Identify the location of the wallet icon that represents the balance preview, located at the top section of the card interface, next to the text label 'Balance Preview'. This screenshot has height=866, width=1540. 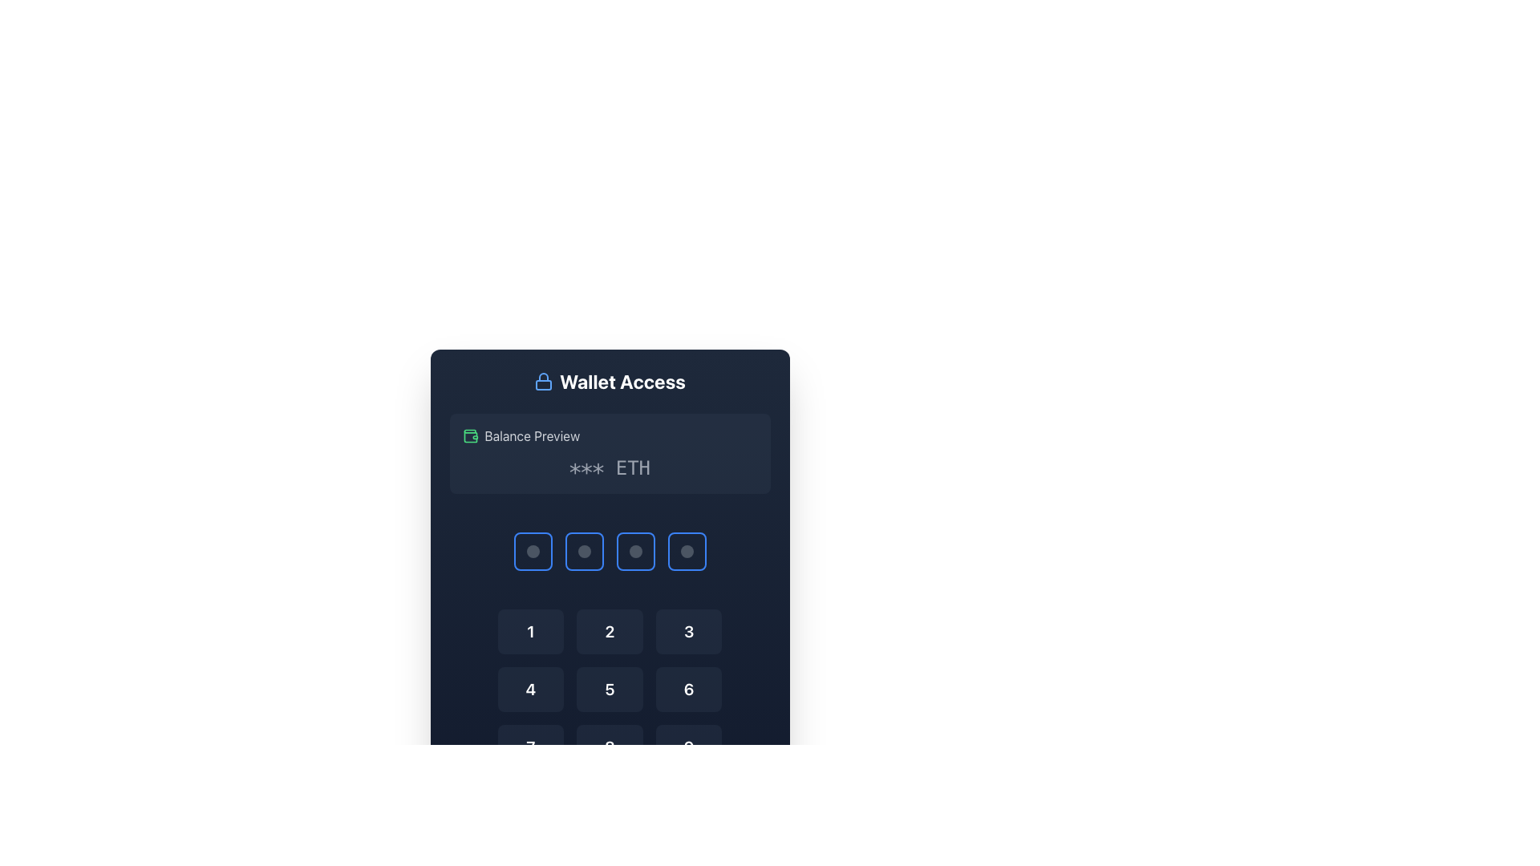
(469, 435).